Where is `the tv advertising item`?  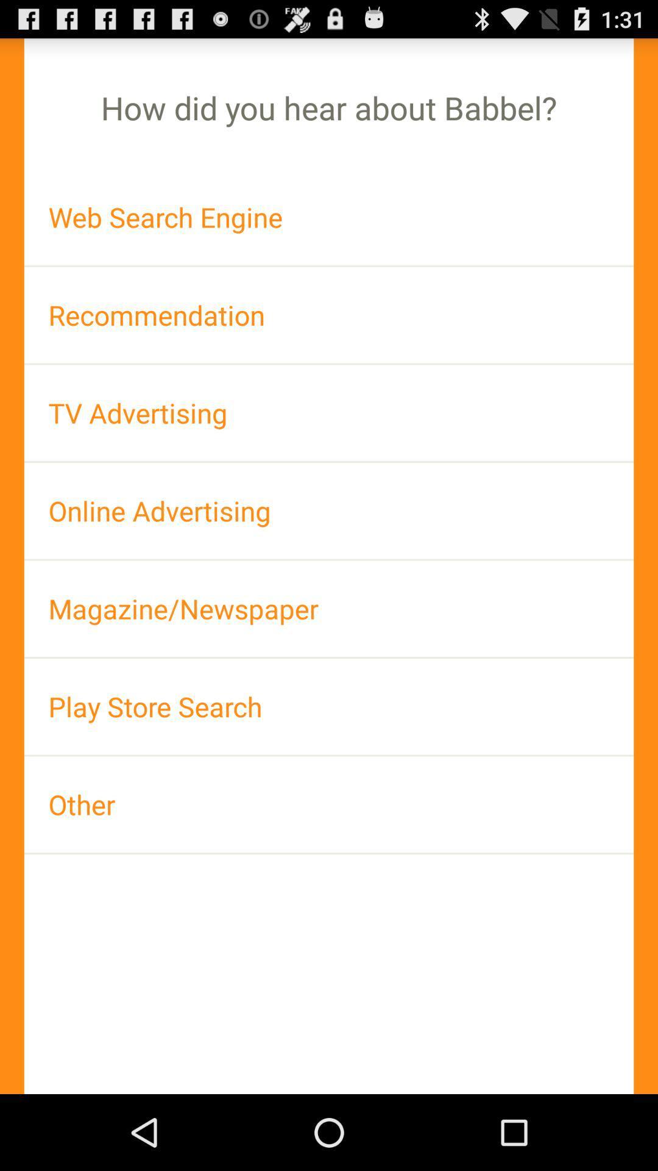 the tv advertising item is located at coordinates (329, 413).